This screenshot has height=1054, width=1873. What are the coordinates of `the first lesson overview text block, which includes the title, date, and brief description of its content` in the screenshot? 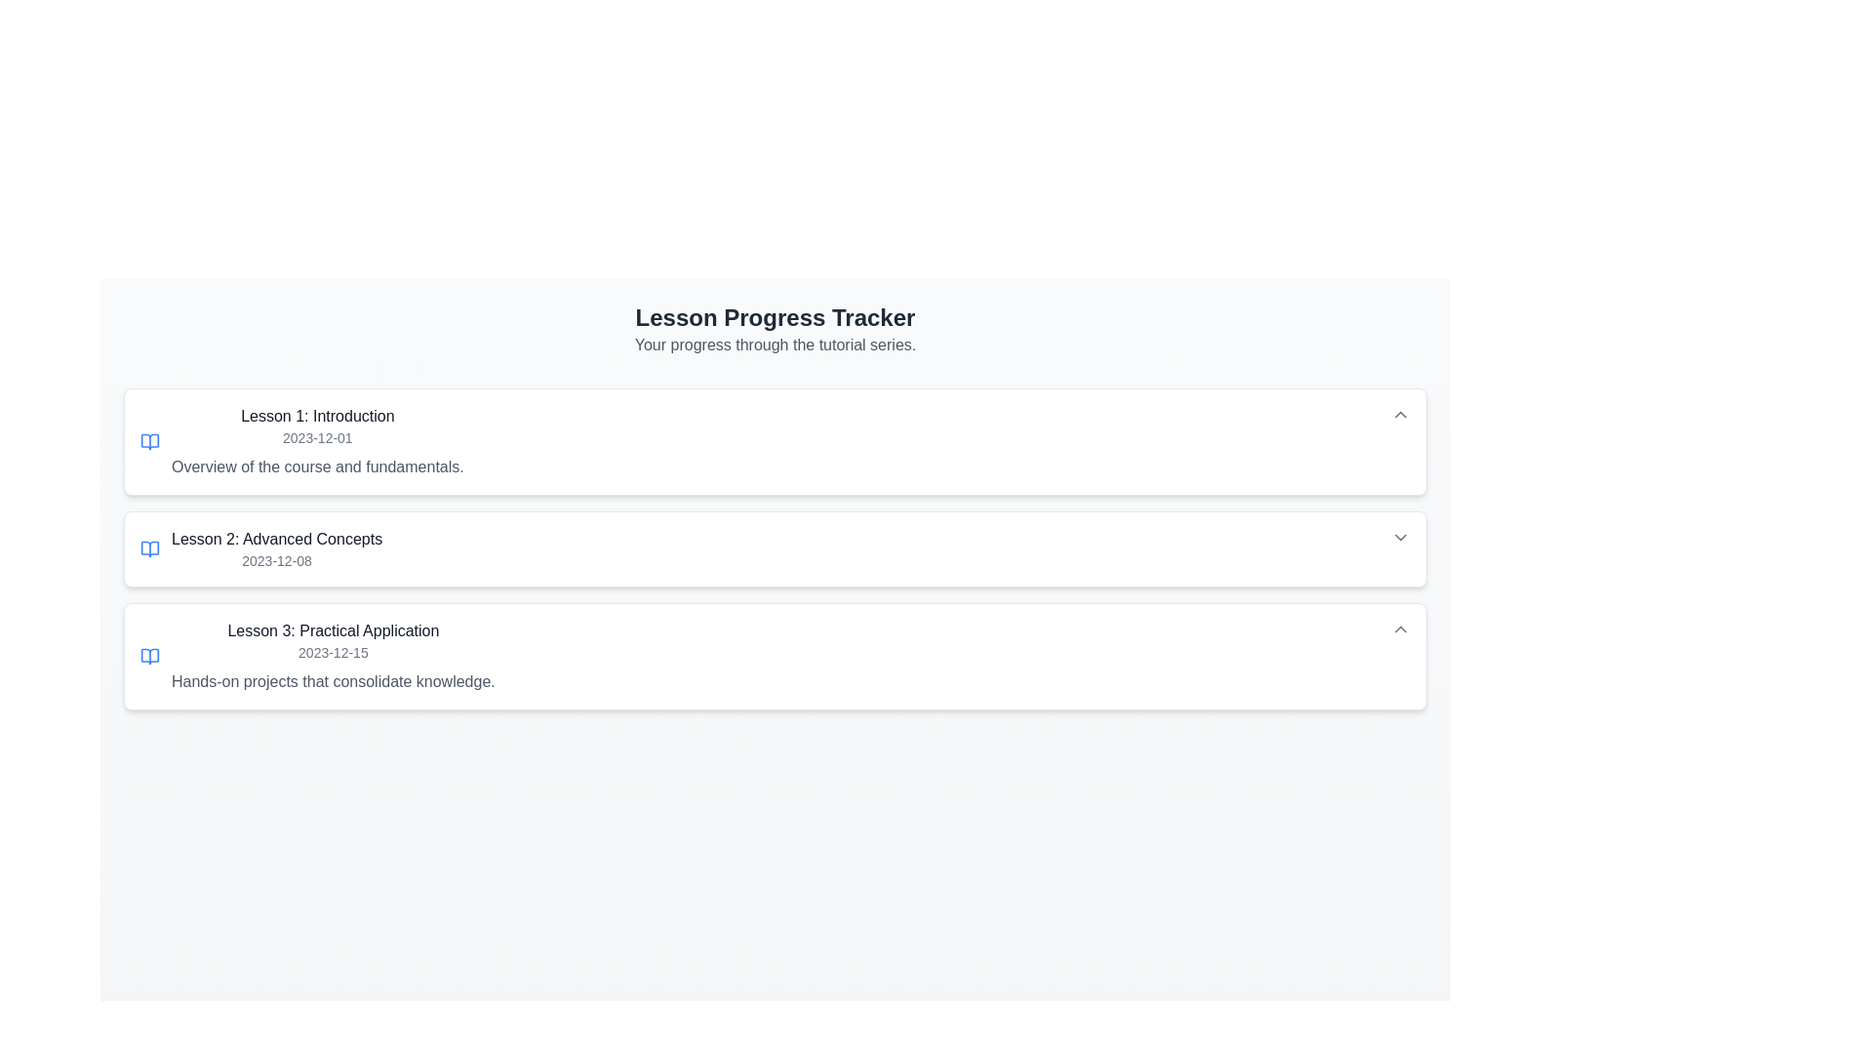 It's located at (317, 441).